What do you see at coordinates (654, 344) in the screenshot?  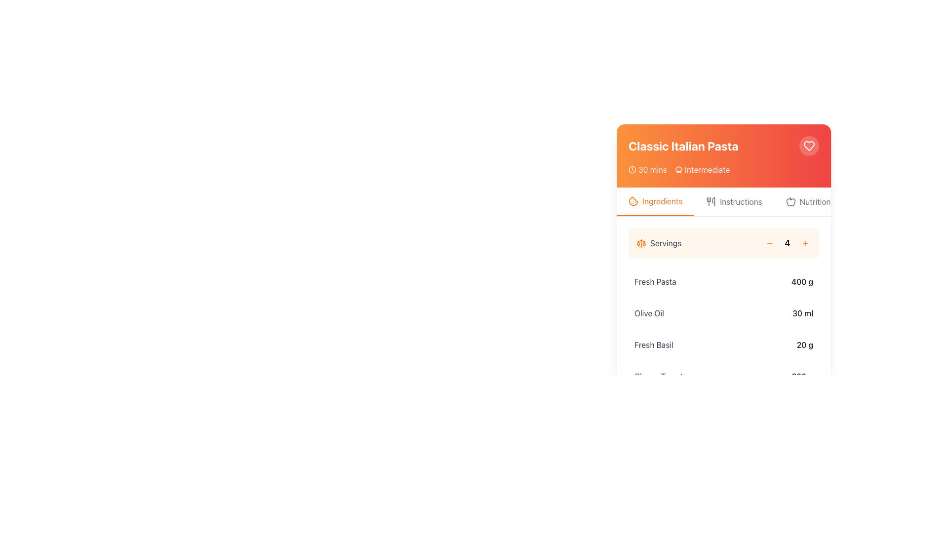 I see `the text label displaying 'Fresh Basil'` at bounding box center [654, 344].